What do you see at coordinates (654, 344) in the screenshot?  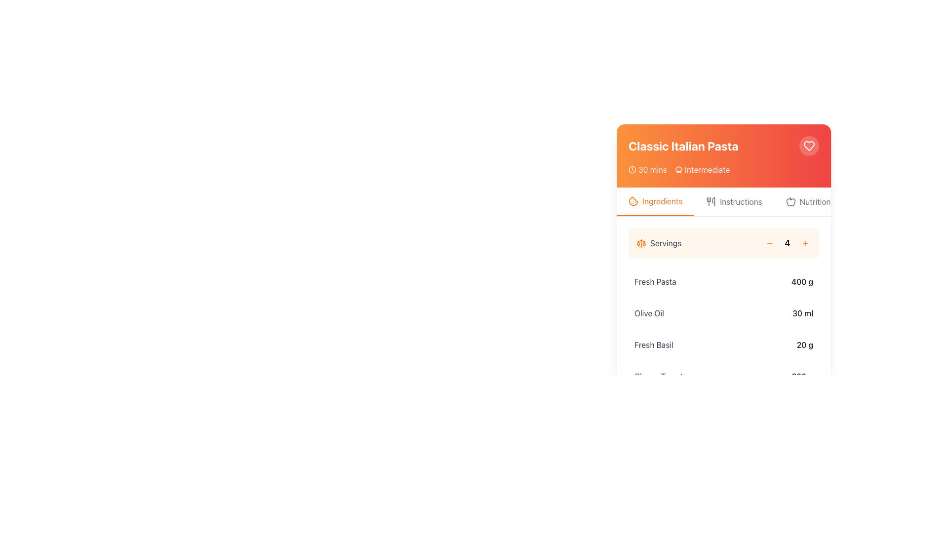 I see `the text label displaying 'Fresh Basil'` at bounding box center [654, 344].